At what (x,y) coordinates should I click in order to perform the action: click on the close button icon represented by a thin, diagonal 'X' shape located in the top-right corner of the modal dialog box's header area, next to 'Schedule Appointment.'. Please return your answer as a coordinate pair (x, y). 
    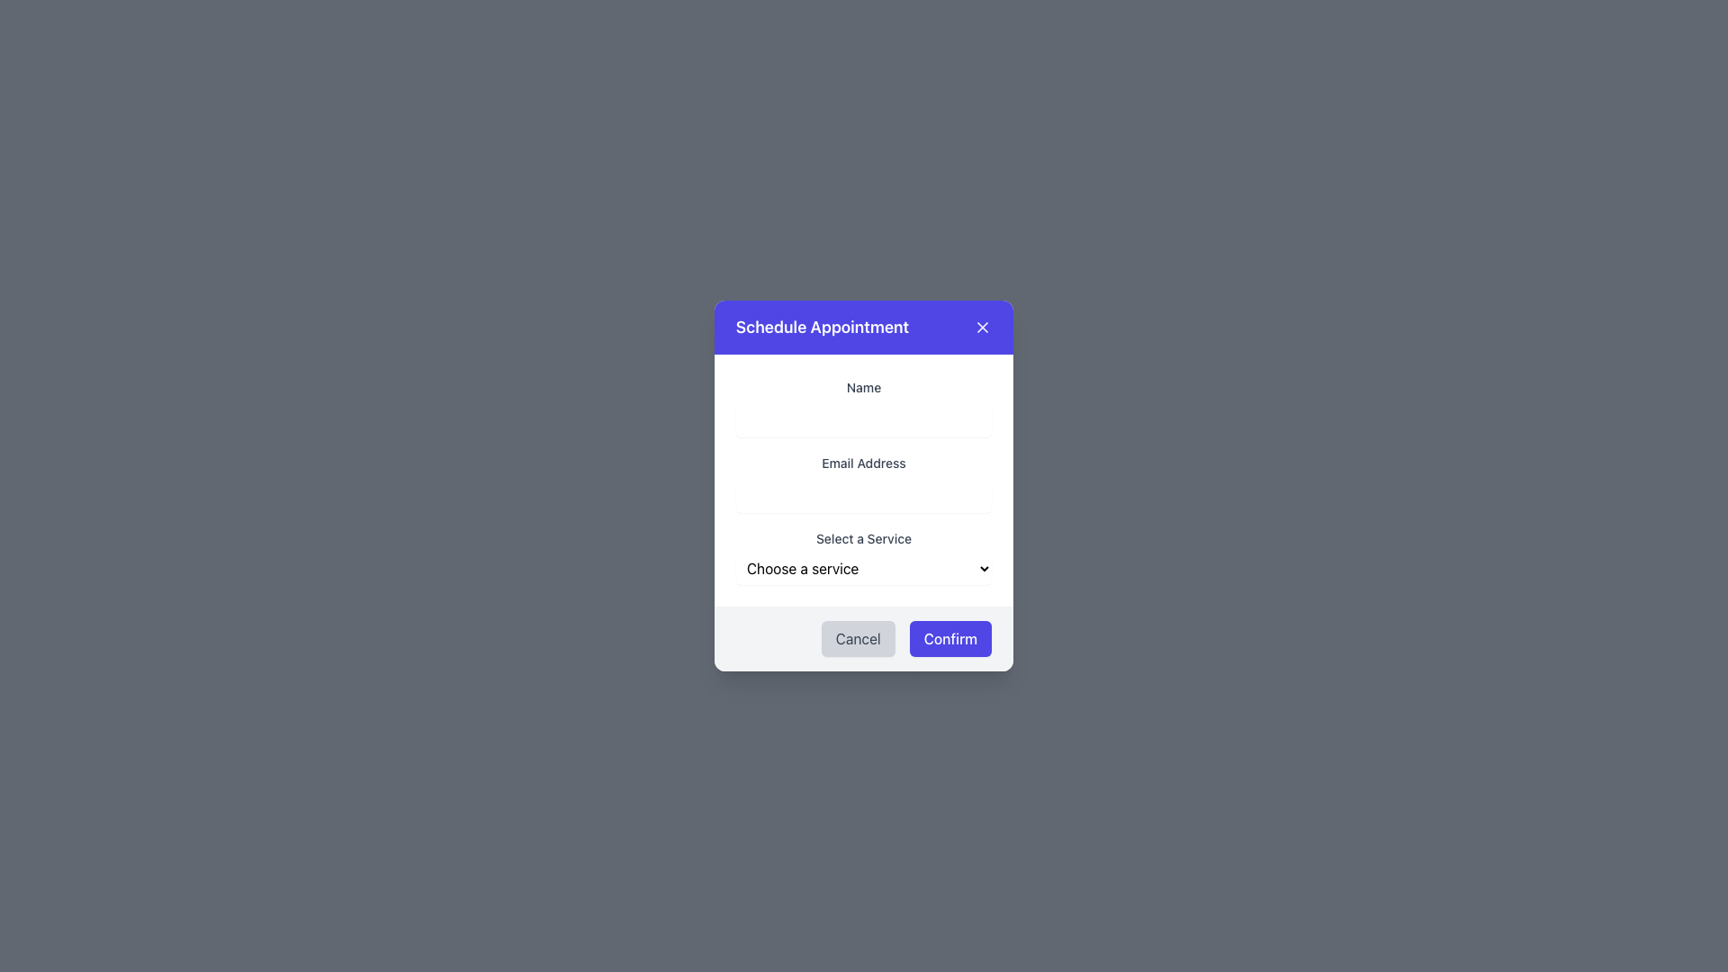
    Looking at the image, I should click on (982, 327).